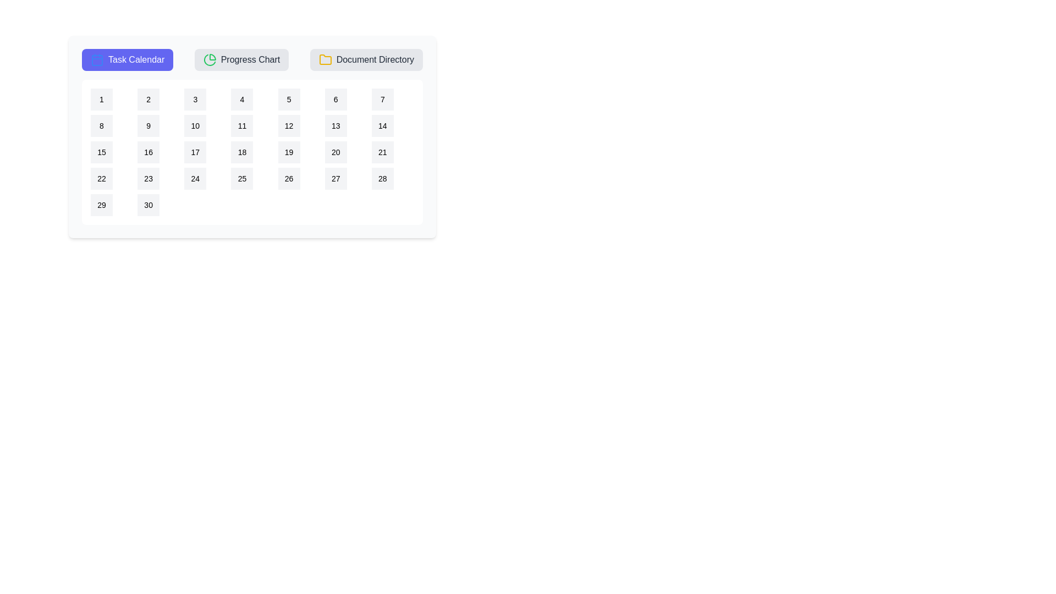 This screenshot has width=1056, height=594. Describe the element at coordinates (382, 152) in the screenshot. I see `the calendar date 21` at that location.